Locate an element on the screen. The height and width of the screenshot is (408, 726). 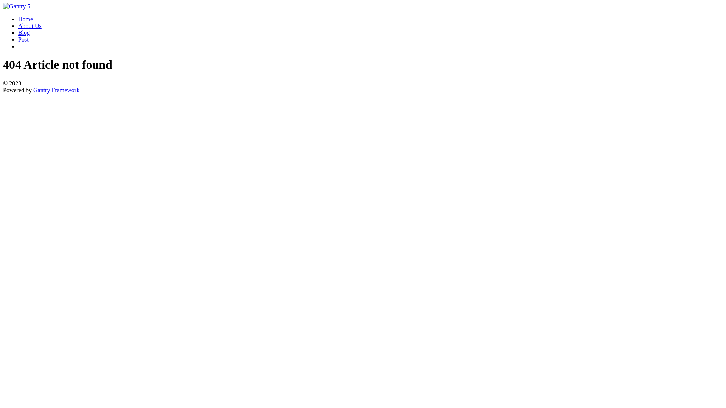
'Gantry 5' is located at coordinates (16, 6).